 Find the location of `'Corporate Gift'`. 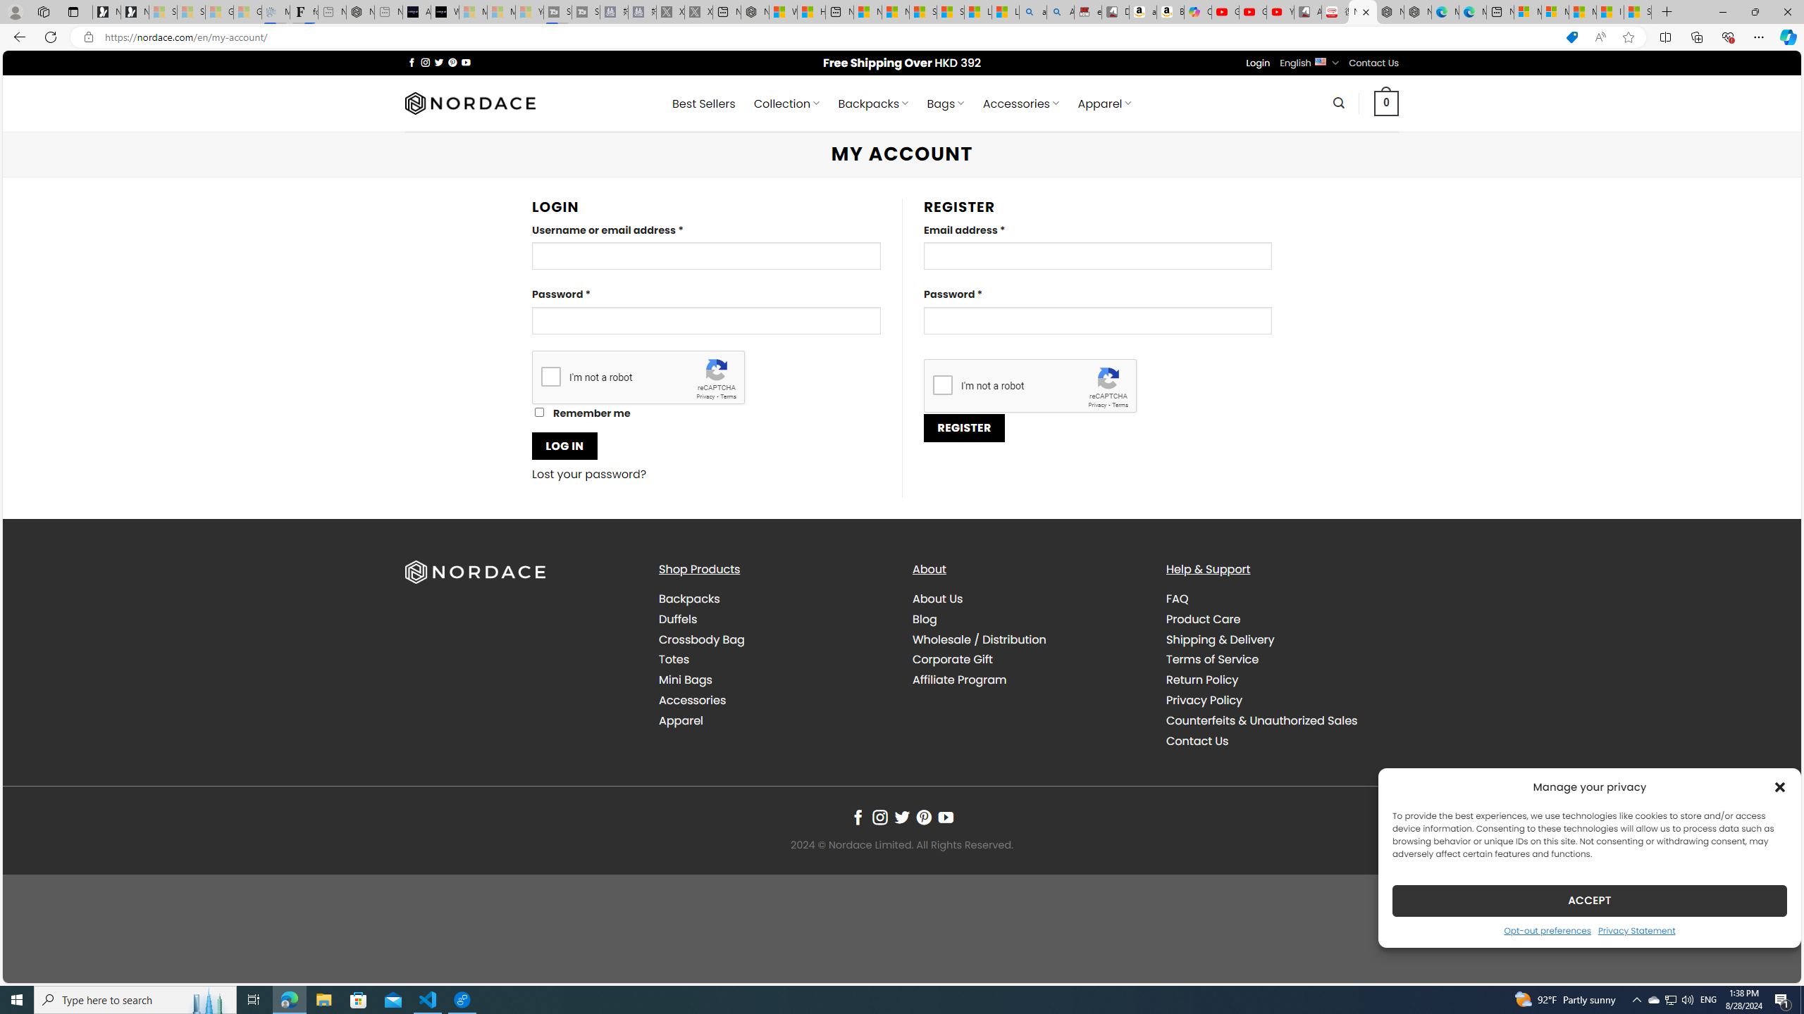

'Corporate Gift' is located at coordinates (1028, 660).